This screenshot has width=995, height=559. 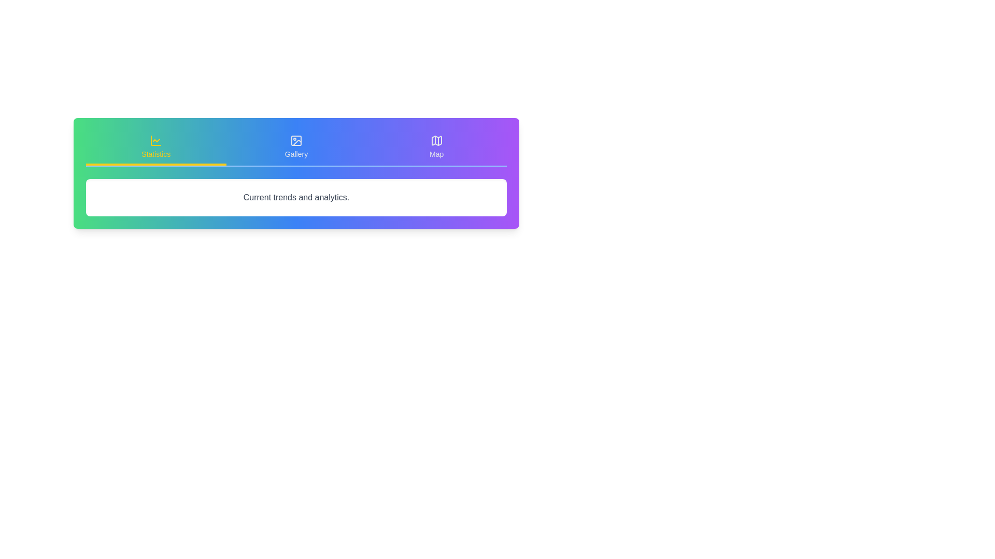 I want to click on the Gallery tab to view its content, so click(x=295, y=148).